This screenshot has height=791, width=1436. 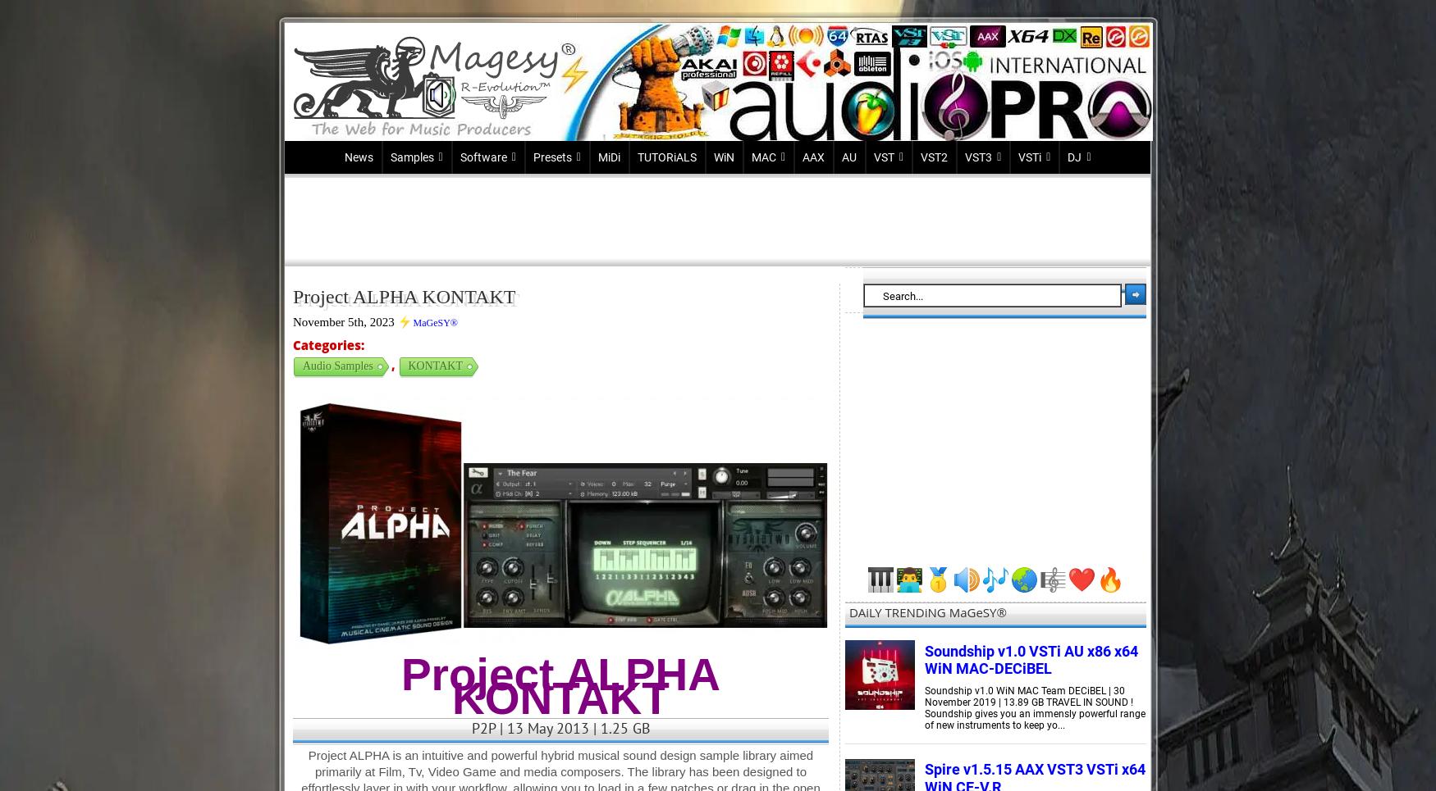 What do you see at coordinates (488, 388) in the screenshot?
I see `'PRESONUS'` at bounding box center [488, 388].